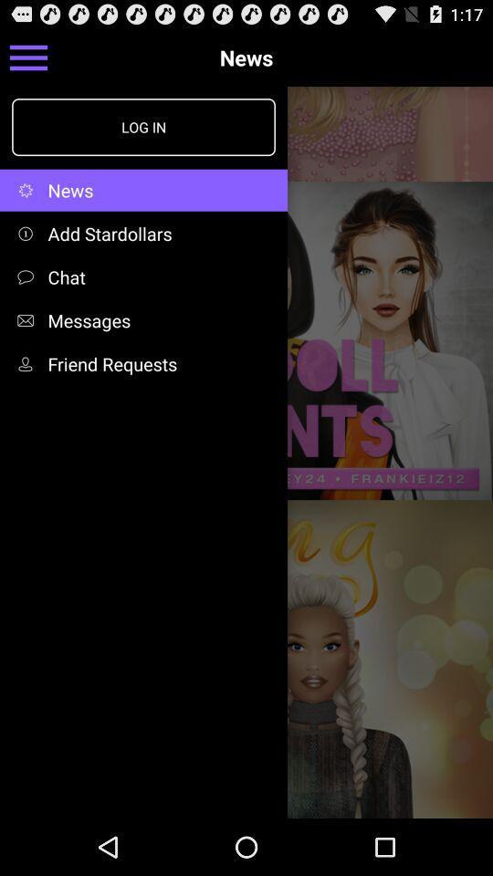 Image resolution: width=493 pixels, height=876 pixels. What do you see at coordinates (28, 362) in the screenshot?
I see `the icon beside friend requests` at bounding box center [28, 362].